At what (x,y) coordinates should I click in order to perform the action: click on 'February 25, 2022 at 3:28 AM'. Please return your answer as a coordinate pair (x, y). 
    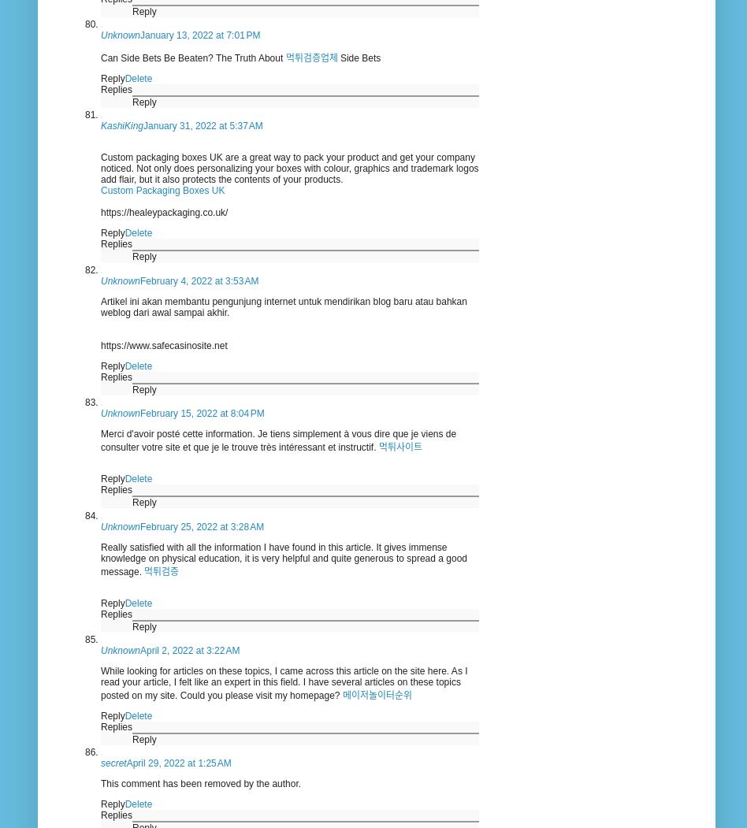
    Looking at the image, I should click on (202, 526).